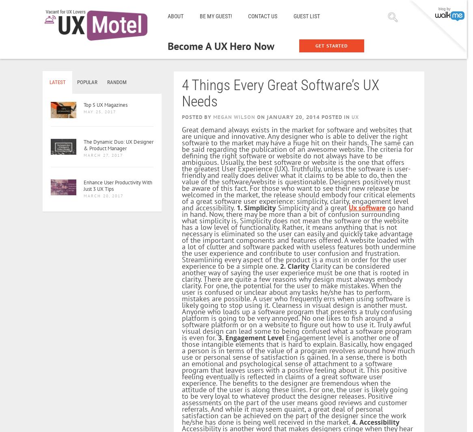 The height and width of the screenshot is (432, 473). Describe the element at coordinates (375, 421) in the screenshot. I see `'4. Accessibility'` at that location.